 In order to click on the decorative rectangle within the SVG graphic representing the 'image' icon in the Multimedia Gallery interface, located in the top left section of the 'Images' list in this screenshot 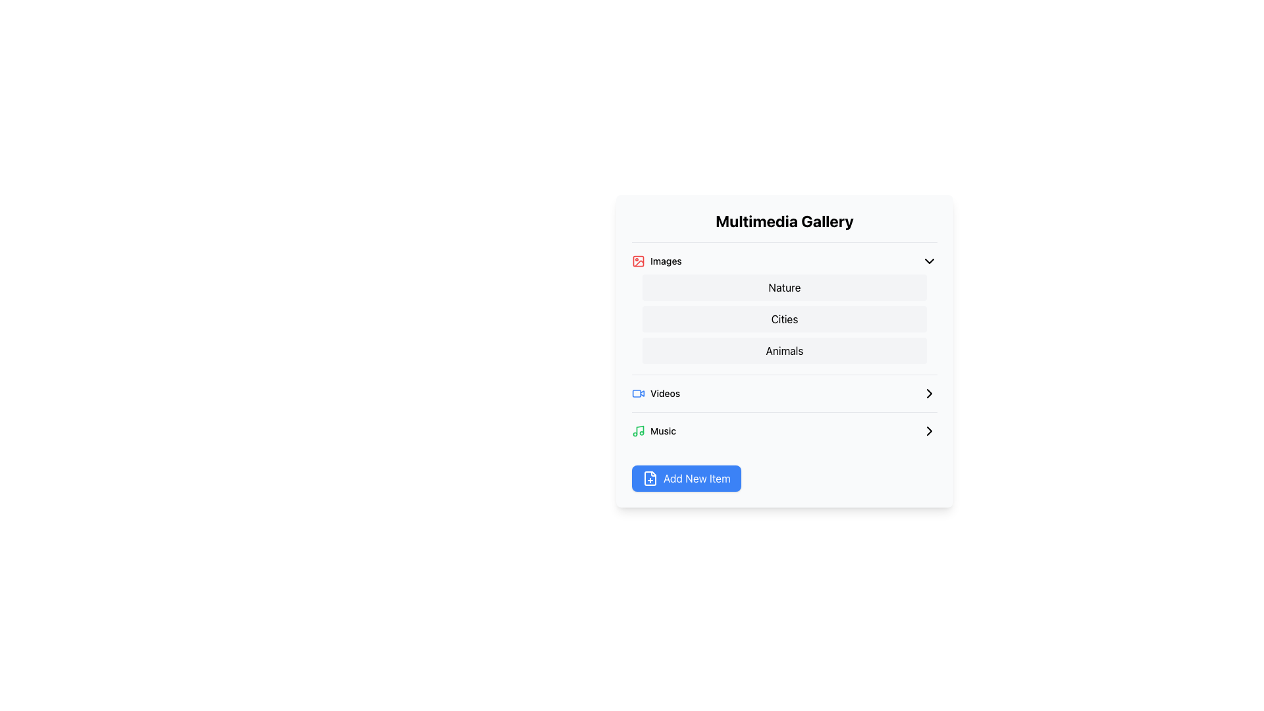, I will do `click(638, 261)`.